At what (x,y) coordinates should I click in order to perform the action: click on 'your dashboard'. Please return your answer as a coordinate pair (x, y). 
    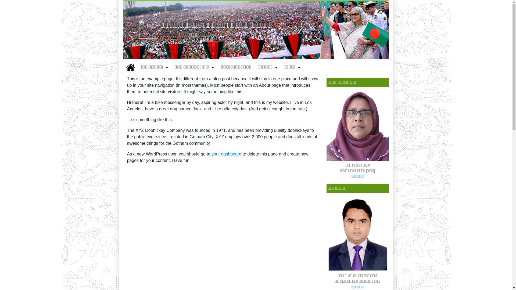
    Looking at the image, I should click on (226, 154).